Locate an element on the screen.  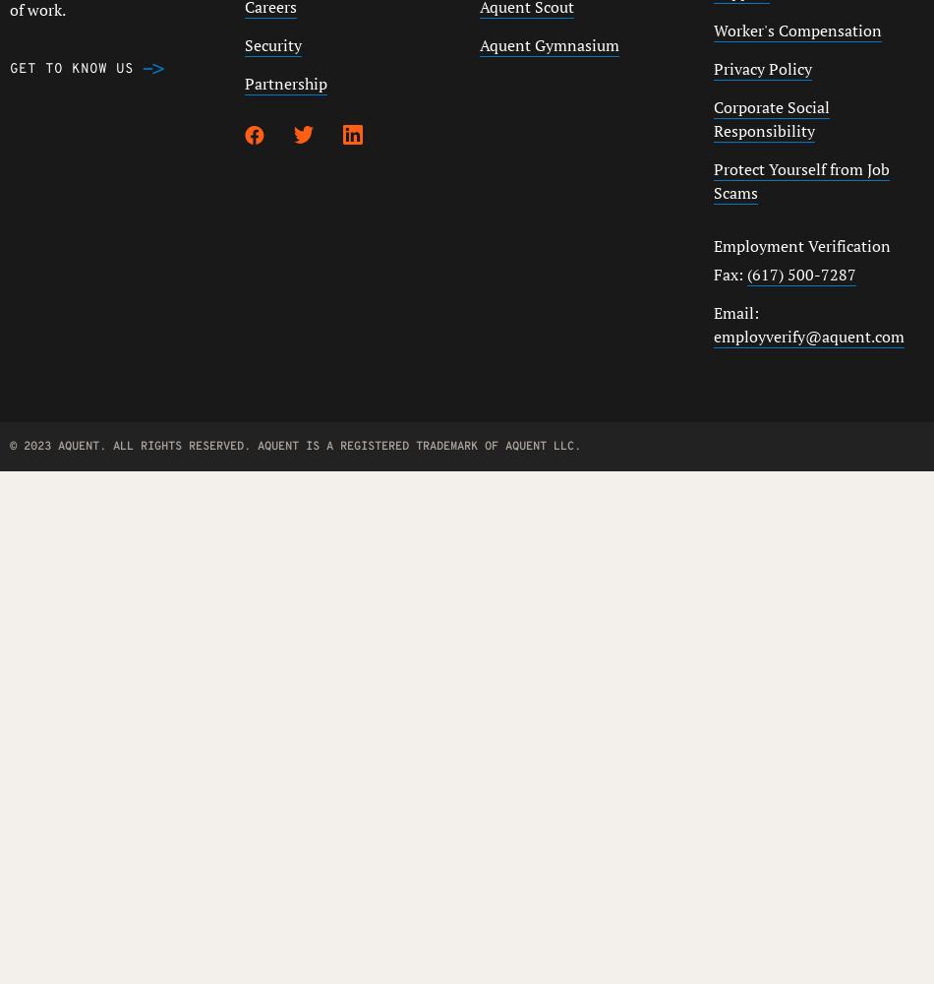
'© 2023 AQUENT.
            ALL RIGHTS RESERVED. AQUENT IS A REGISTERED TRADEMARK OF AQUENT LLC.' is located at coordinates (294, 446).